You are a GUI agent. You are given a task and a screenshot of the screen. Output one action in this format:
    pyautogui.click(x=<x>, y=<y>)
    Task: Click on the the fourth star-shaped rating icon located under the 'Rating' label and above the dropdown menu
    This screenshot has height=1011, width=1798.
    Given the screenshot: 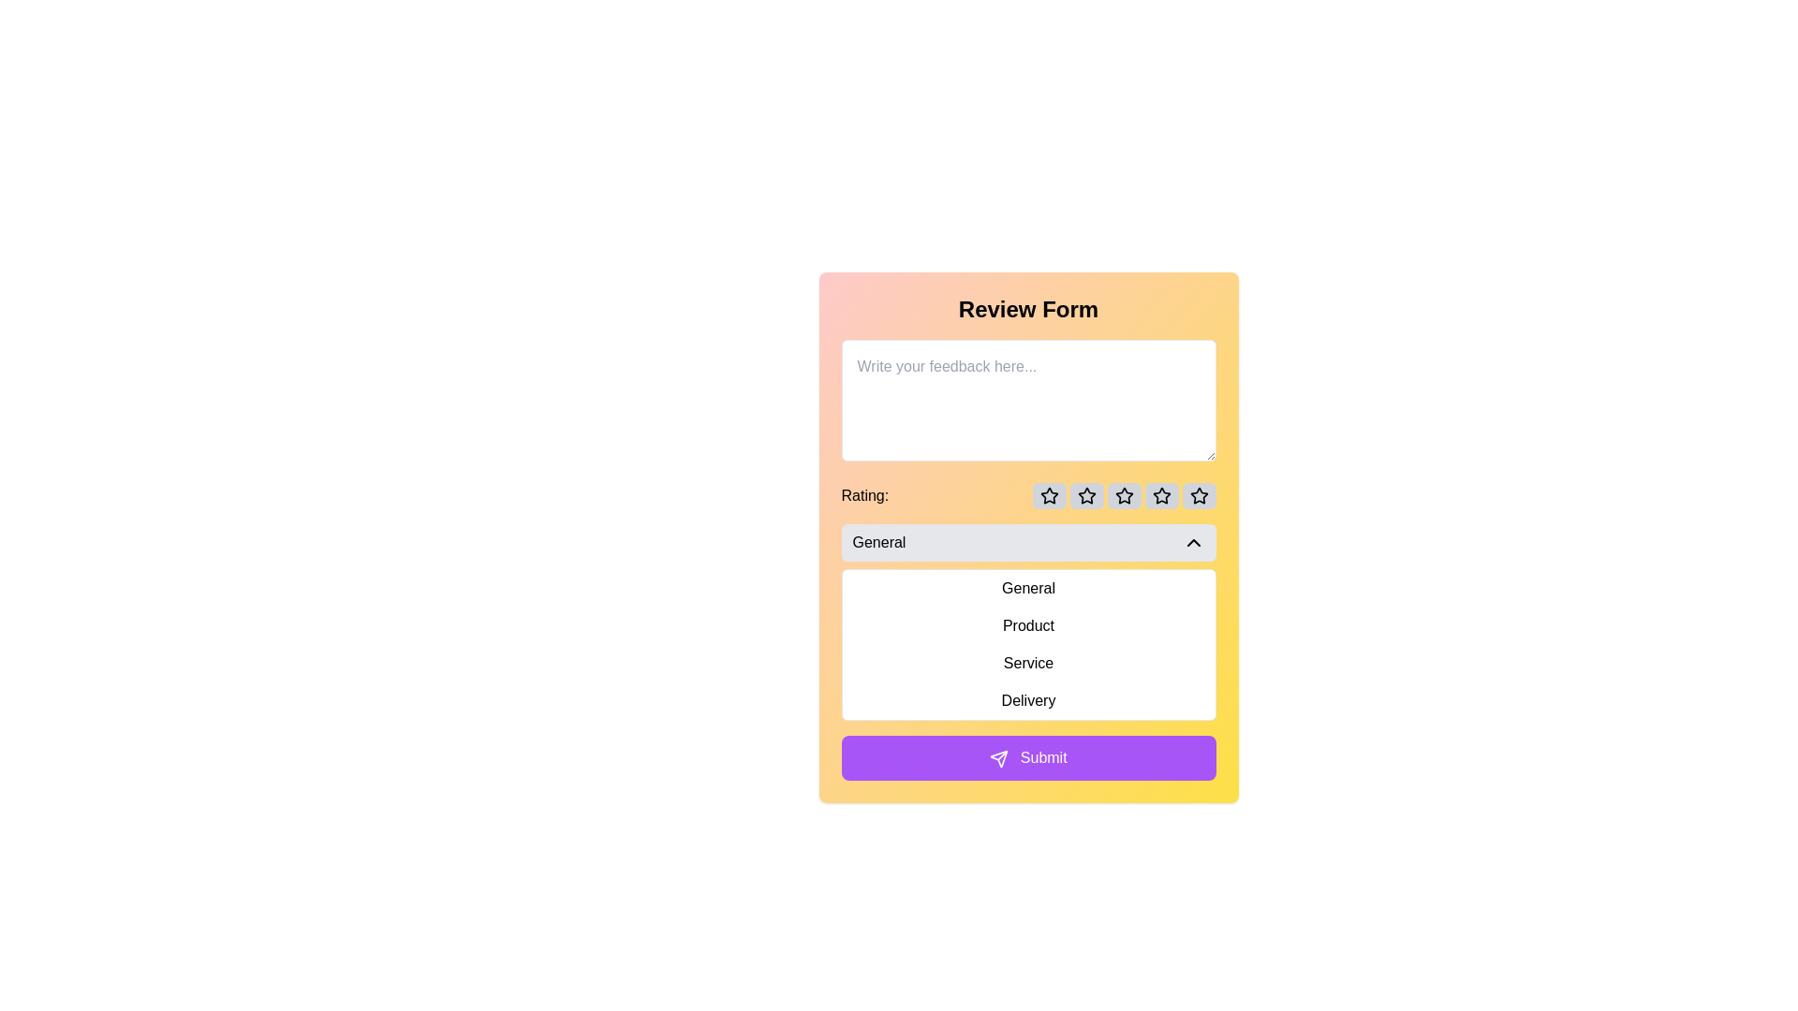 What is the action you would take?
    pyautogui.click(x=1160, y=494)
    